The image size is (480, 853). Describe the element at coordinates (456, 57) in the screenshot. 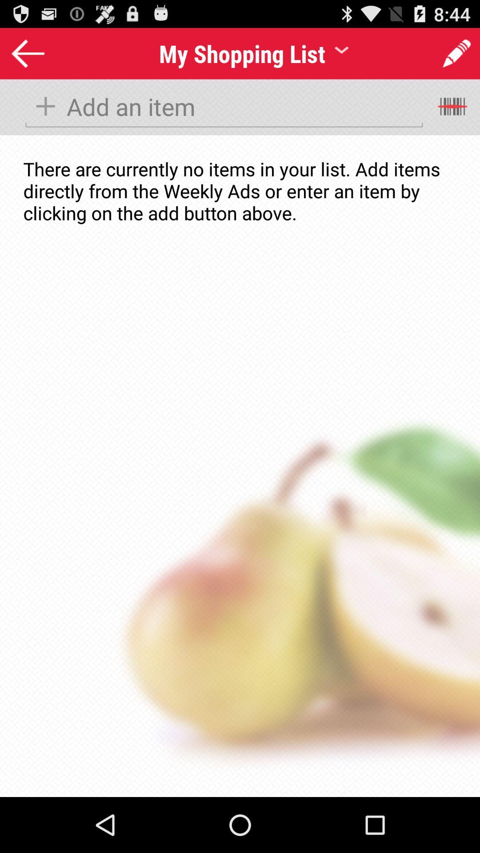

I see `the edit icon` at that location.